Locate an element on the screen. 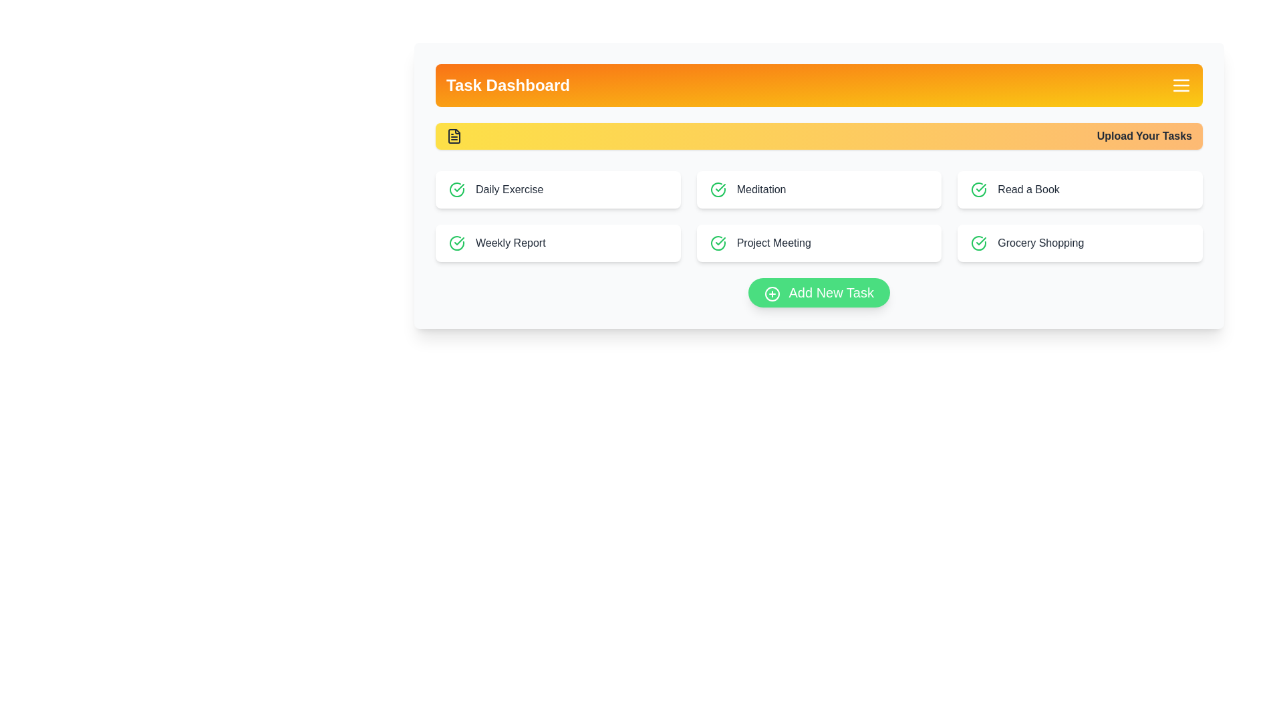 The height and width of the screenshot is (722, 1283). the task 'Read a Book' from the task list is located at coordinates (1081, 190).